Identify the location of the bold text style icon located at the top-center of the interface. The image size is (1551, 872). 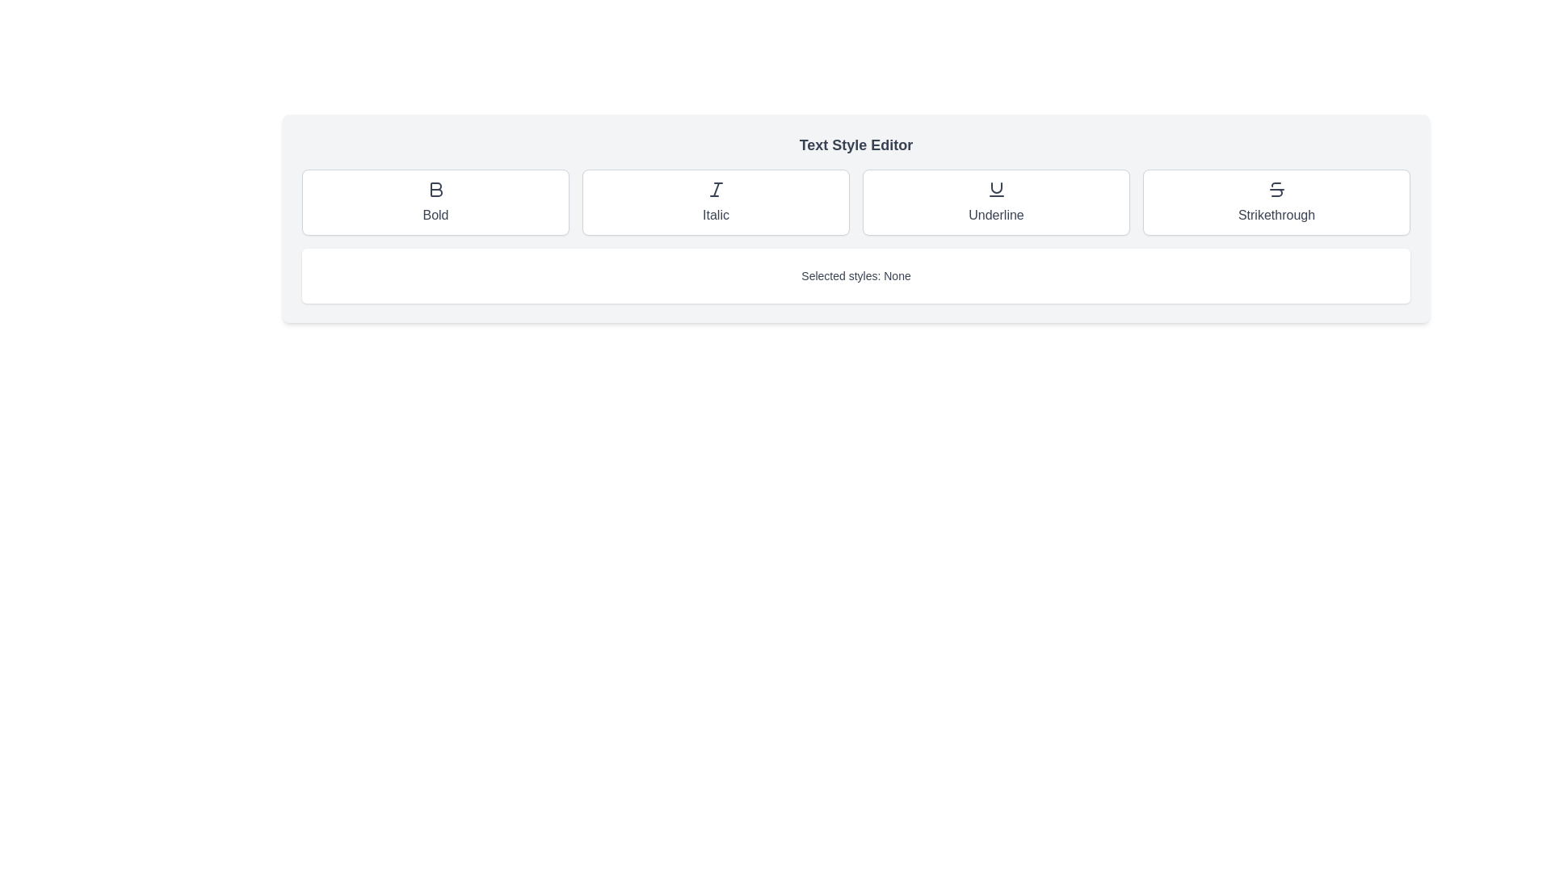
(435, 189).